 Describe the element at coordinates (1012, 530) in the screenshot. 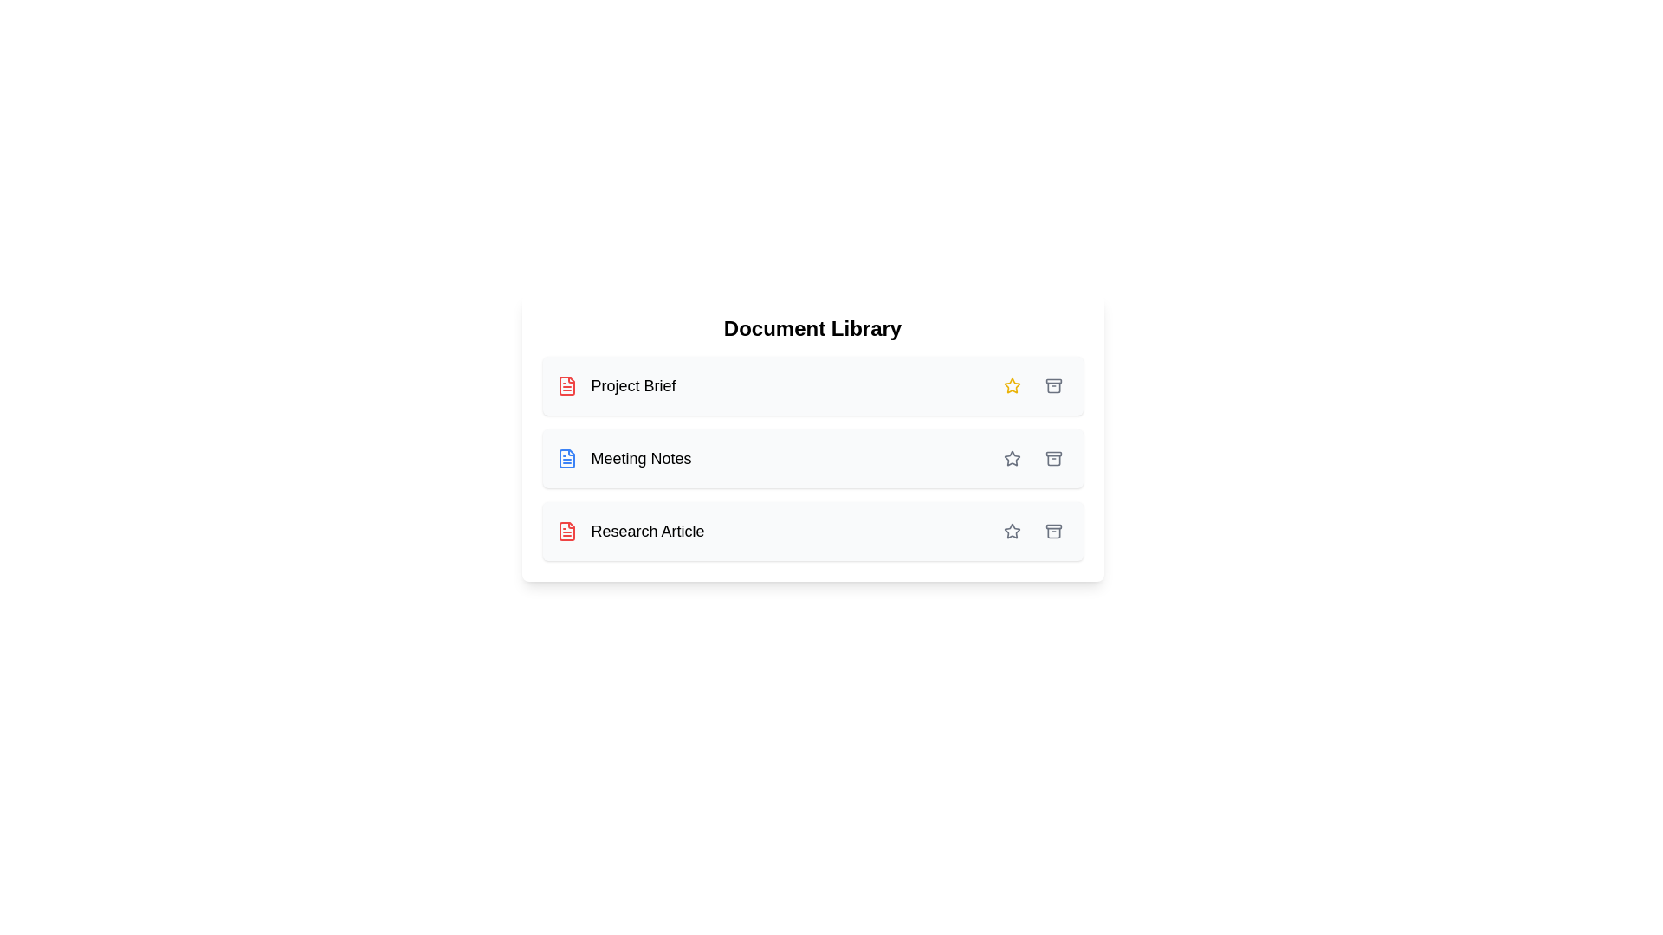

I see `the star icon corresponding to the document named Research Article to toggle its favorite status` at that location.